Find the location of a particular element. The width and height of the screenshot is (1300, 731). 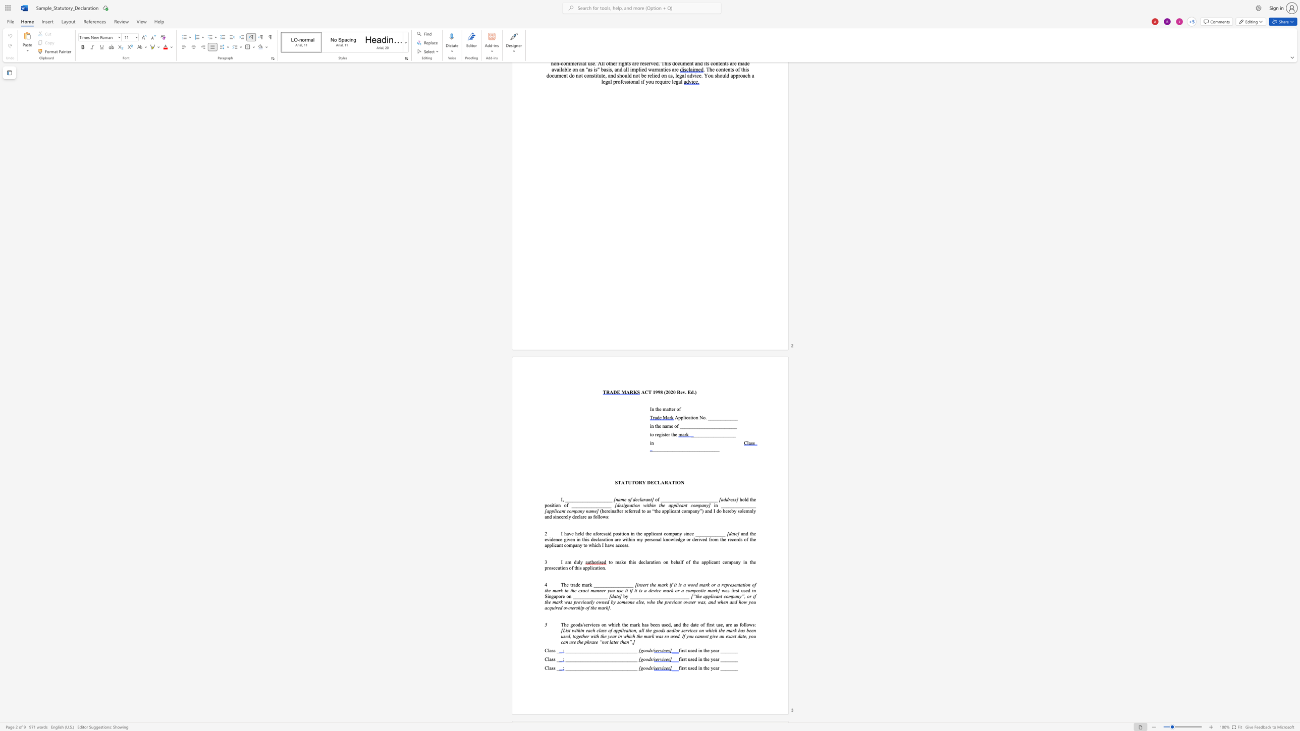

the 1th character "h" in the text is located at coordinates (706, 668).